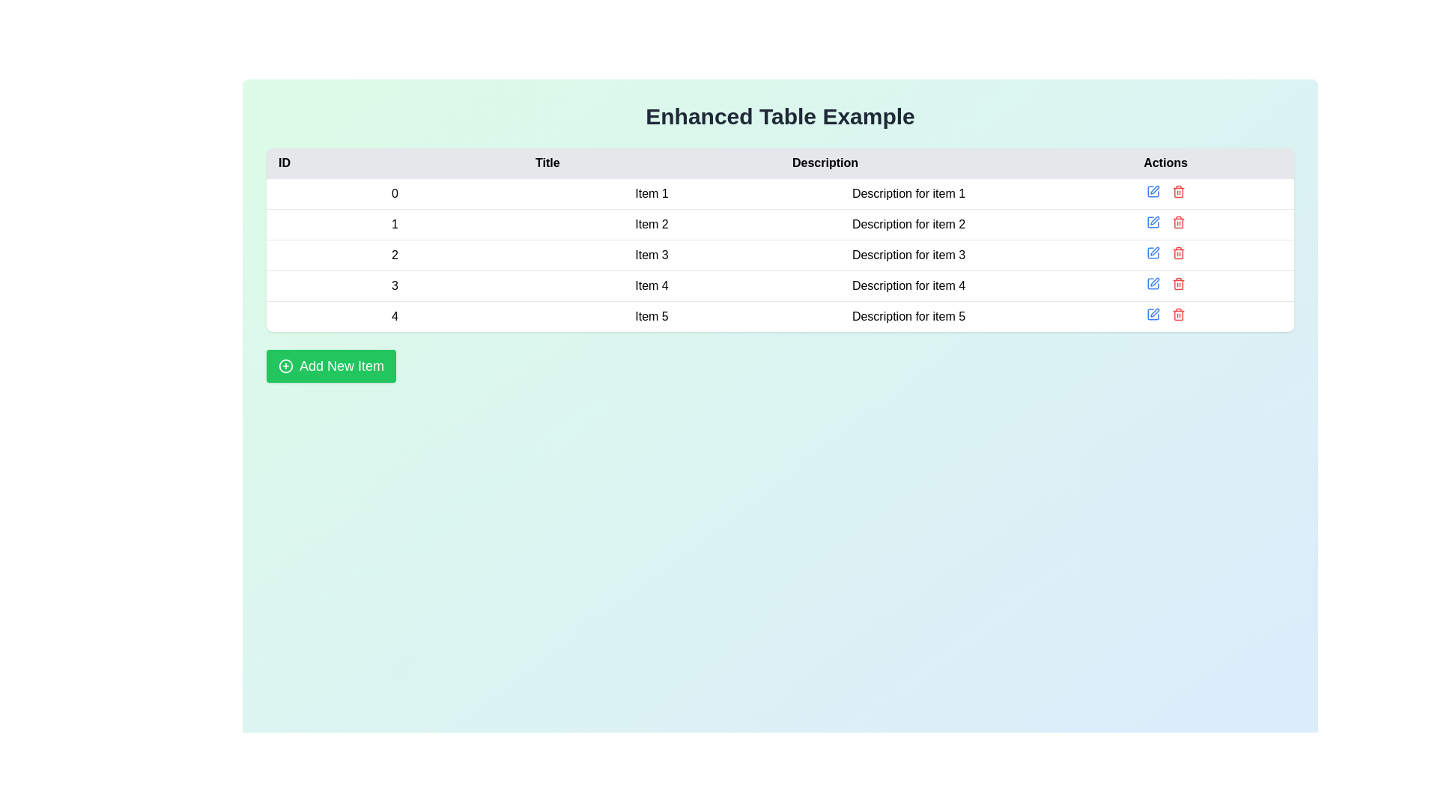  I want to click on the 'edit' icon located in the 'Actions' column of the last row in the table, so click(1153, 312).